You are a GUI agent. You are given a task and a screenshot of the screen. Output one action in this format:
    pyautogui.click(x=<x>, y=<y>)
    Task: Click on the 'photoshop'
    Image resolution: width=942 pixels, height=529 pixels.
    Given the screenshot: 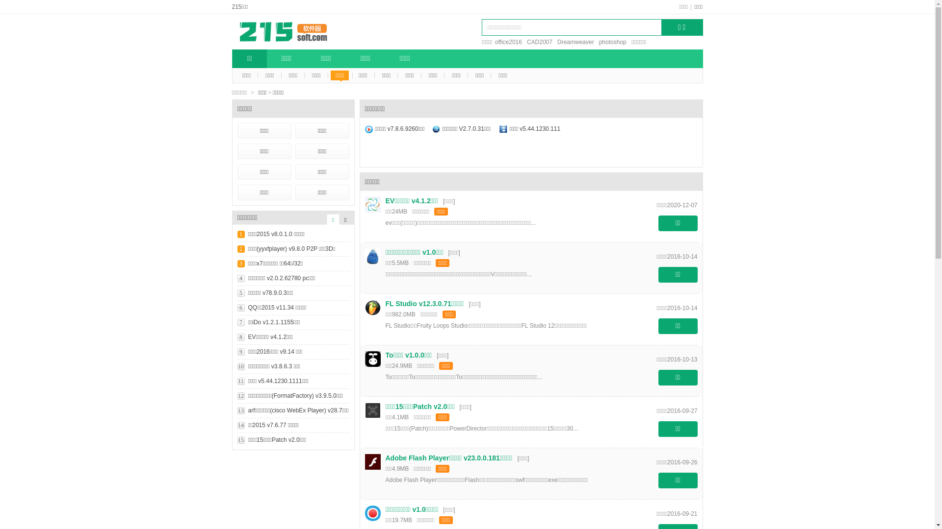 What is the action you would take?
    pyautogui.click(x=612, y=41)
    